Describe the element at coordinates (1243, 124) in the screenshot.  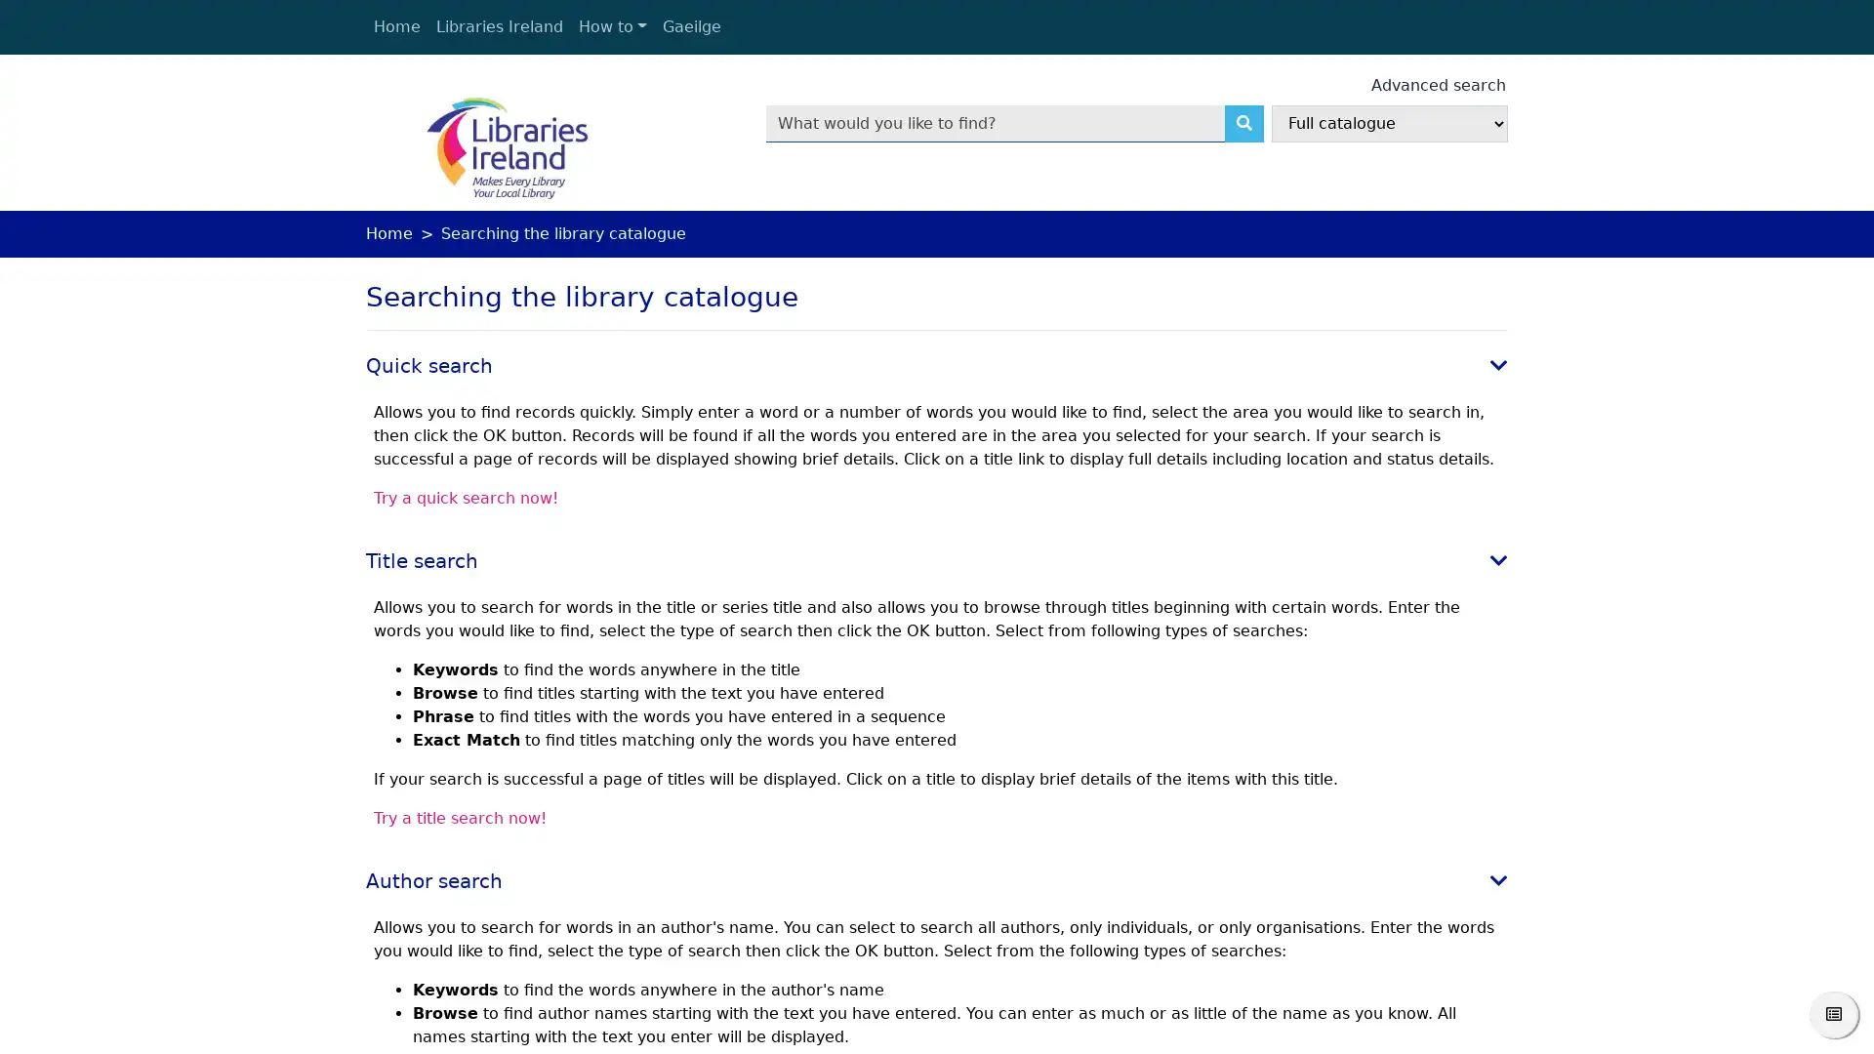
I see `Search` at that location.